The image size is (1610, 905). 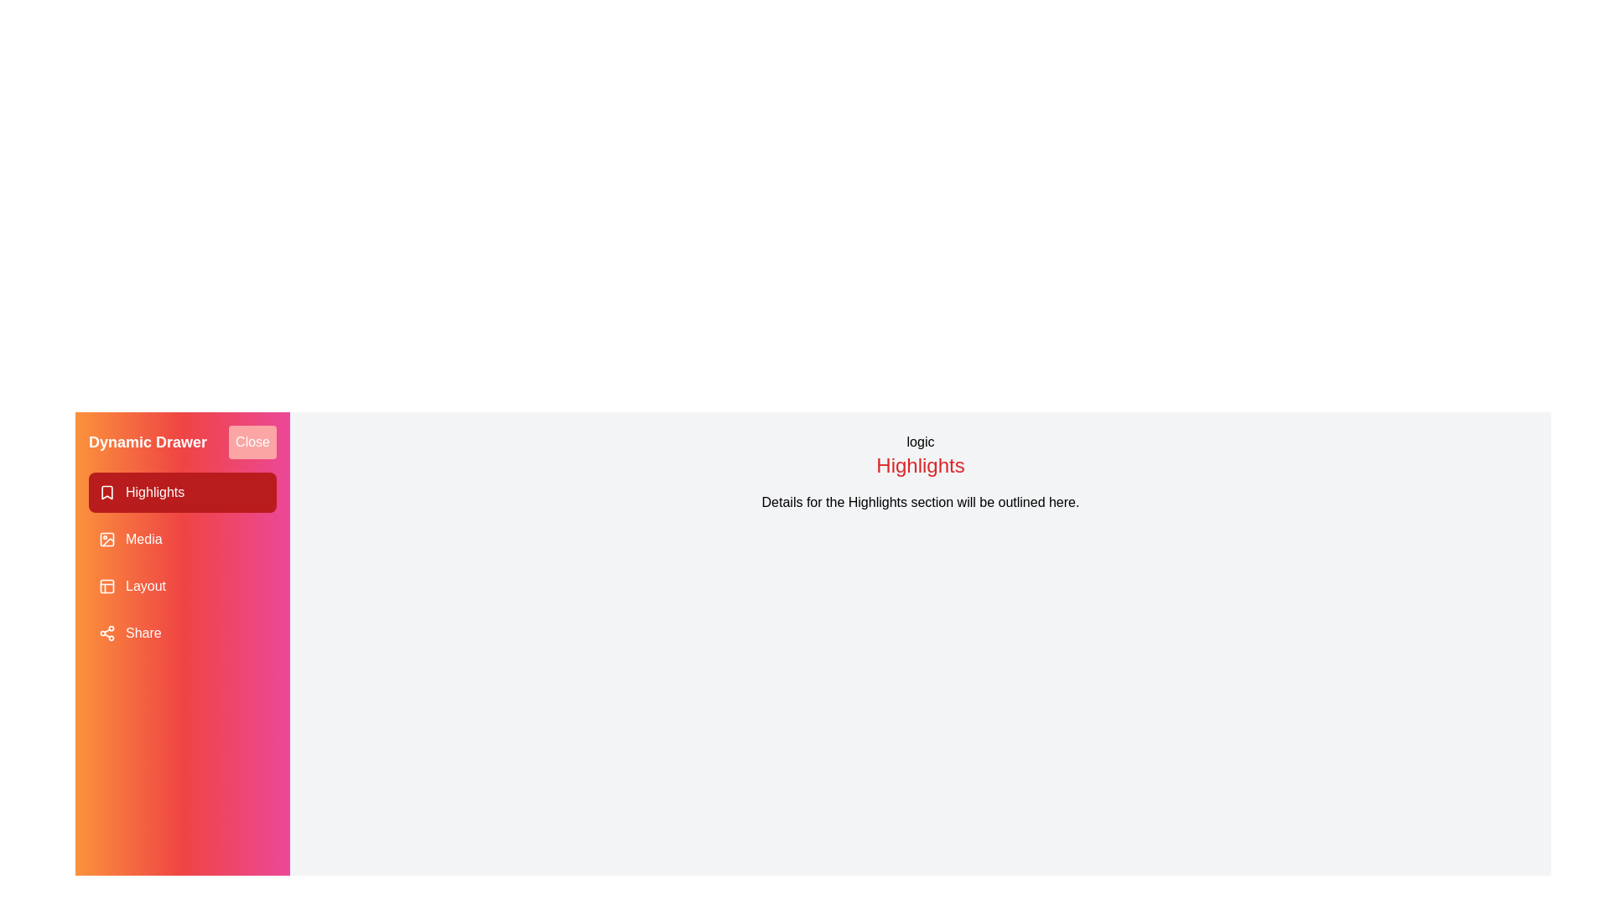 I want to click on the section Highlights from the drawer, so click(x=182, y=491).